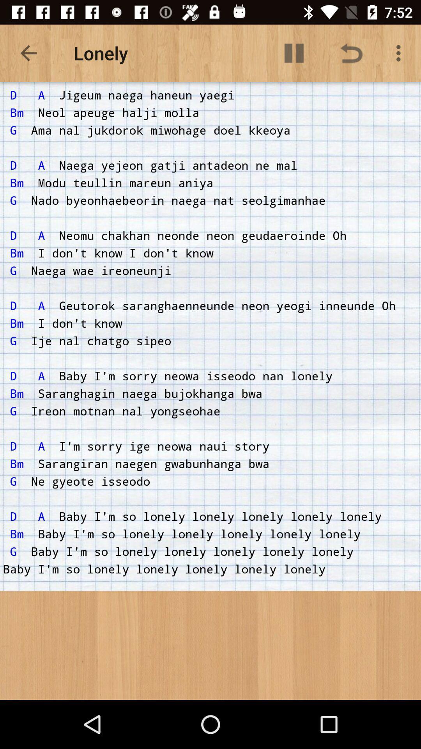 This screenshot has width=421, height=749. Describe the element at coordinates (294, 53) in the screenshot. I see `icon next to lonely item` at that location.